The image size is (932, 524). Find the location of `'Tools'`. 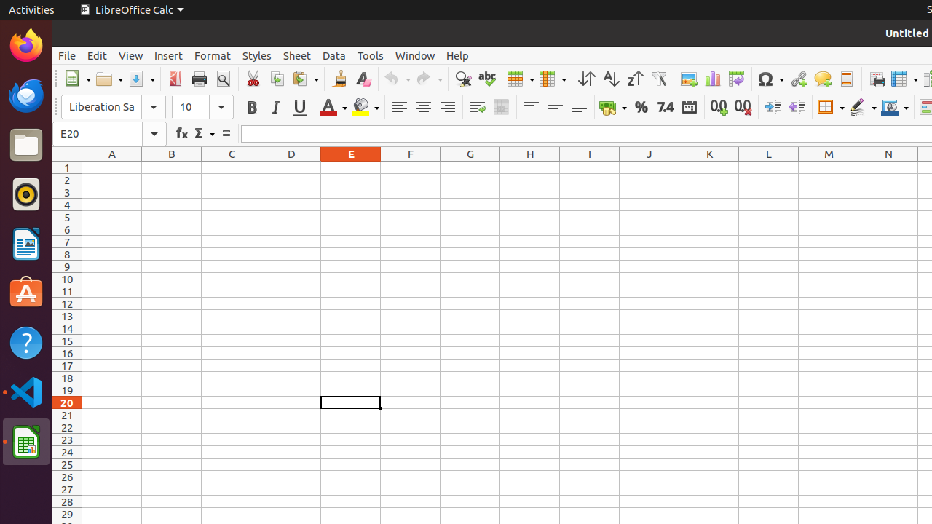

'Tools' is located at coordinates (371, 55).